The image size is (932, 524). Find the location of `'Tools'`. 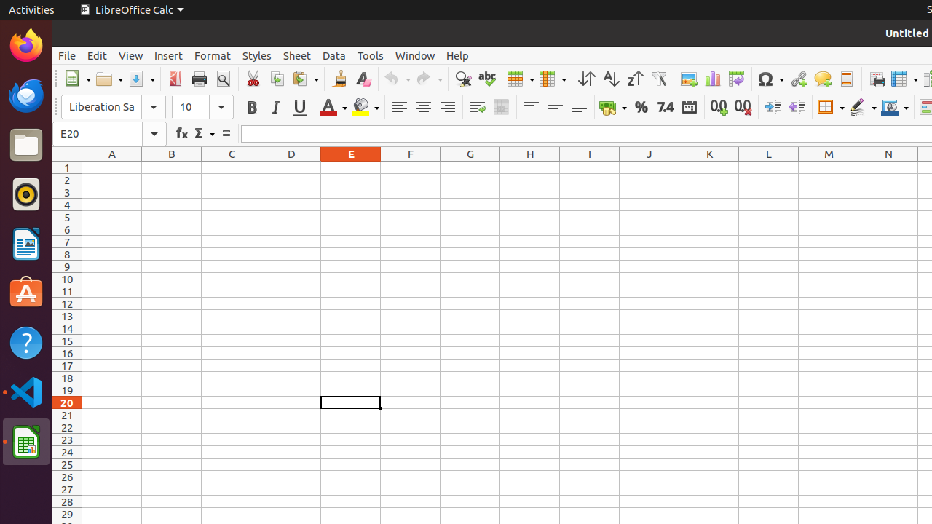

'Tools' is located at coordinates (371, 55).